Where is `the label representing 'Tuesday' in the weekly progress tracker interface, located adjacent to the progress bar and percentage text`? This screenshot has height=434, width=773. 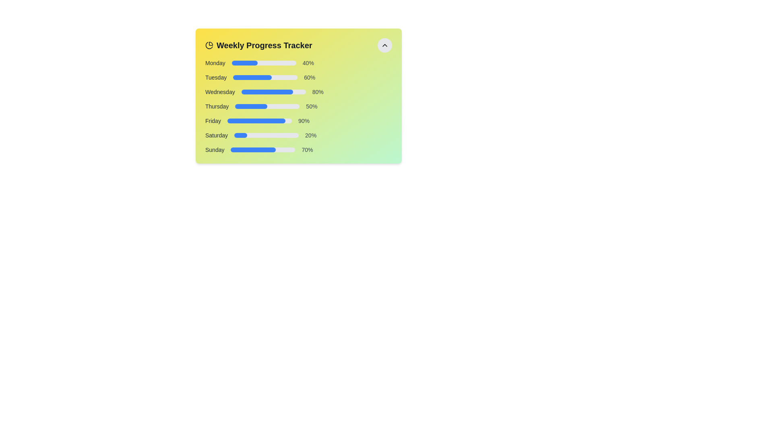
the label representing 'Tuesday' in the weekly progress tracker interface, located adjacent to the progress bar and percentage text is located at coordinates (216, 77).